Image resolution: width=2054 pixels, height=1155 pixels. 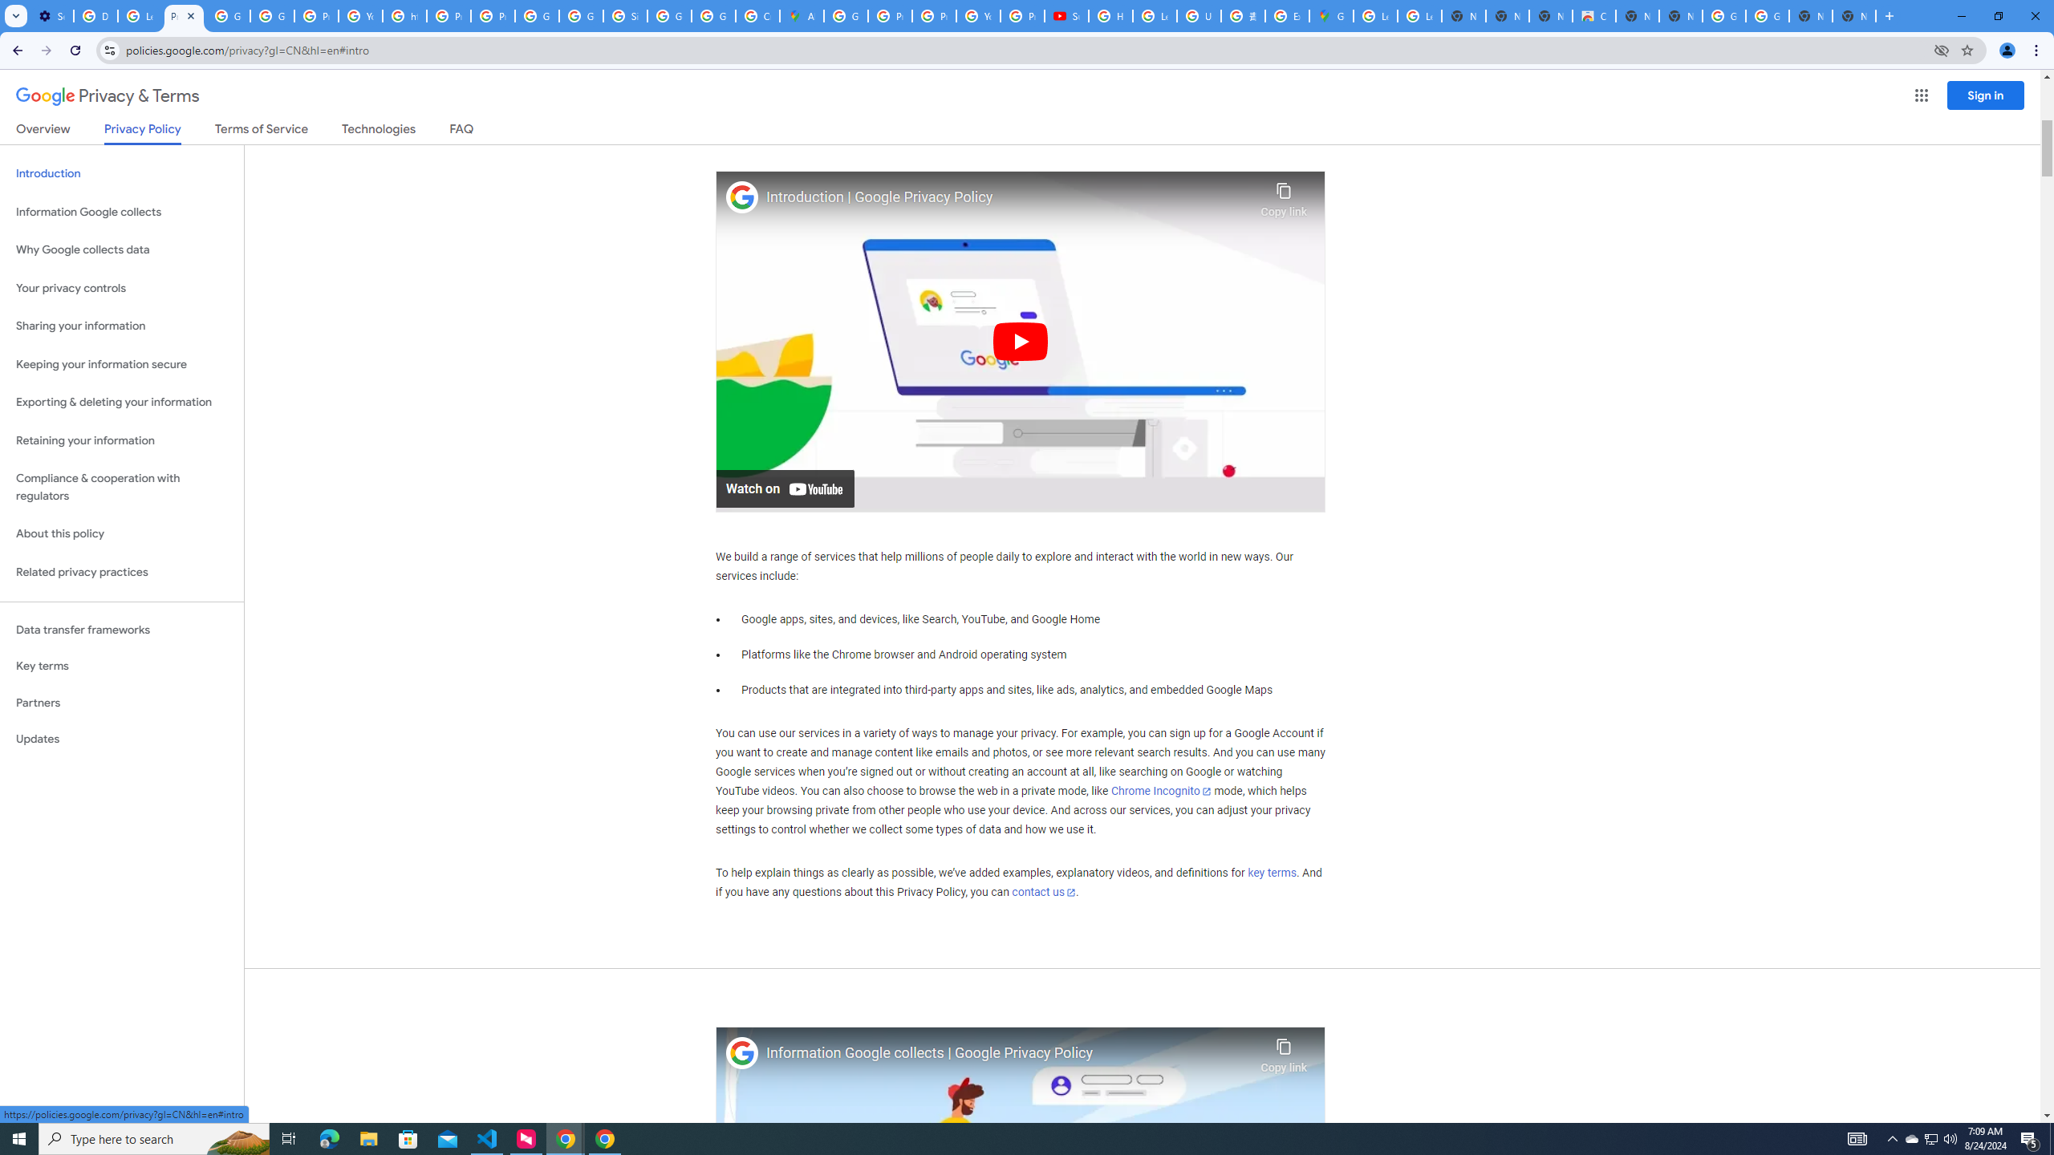 I want to click on 'Google Images', so click(x=1723, y=15).